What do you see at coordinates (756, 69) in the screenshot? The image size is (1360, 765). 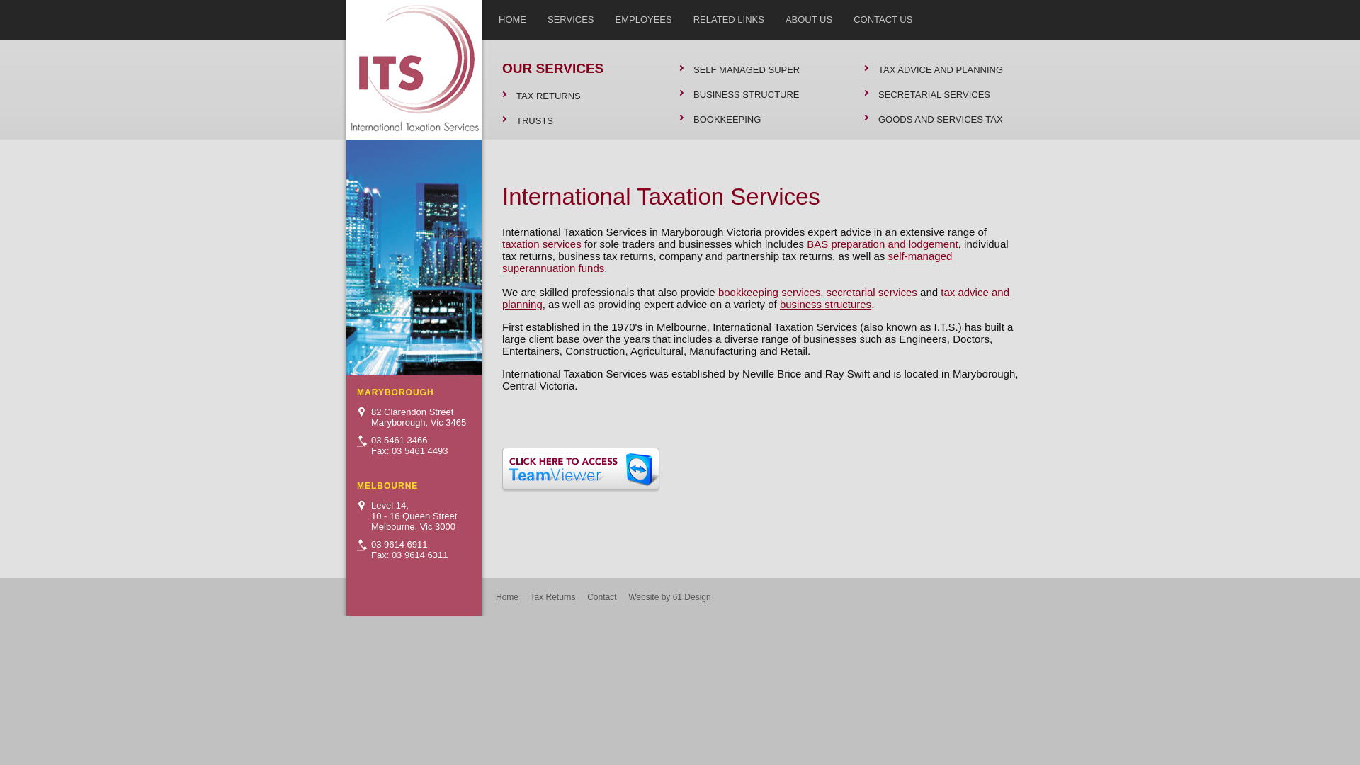 I see `'SELF MANAGED SUPER'` at bounding box center [756, 69].